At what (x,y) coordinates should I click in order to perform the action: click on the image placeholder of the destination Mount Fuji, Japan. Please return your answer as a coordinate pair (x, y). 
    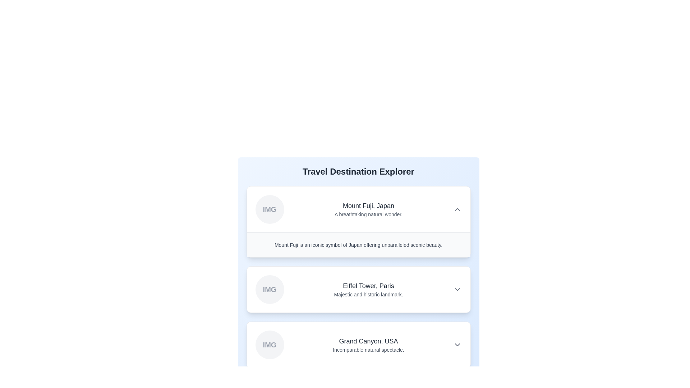
    Looking at the image, I should click on (269, 209).